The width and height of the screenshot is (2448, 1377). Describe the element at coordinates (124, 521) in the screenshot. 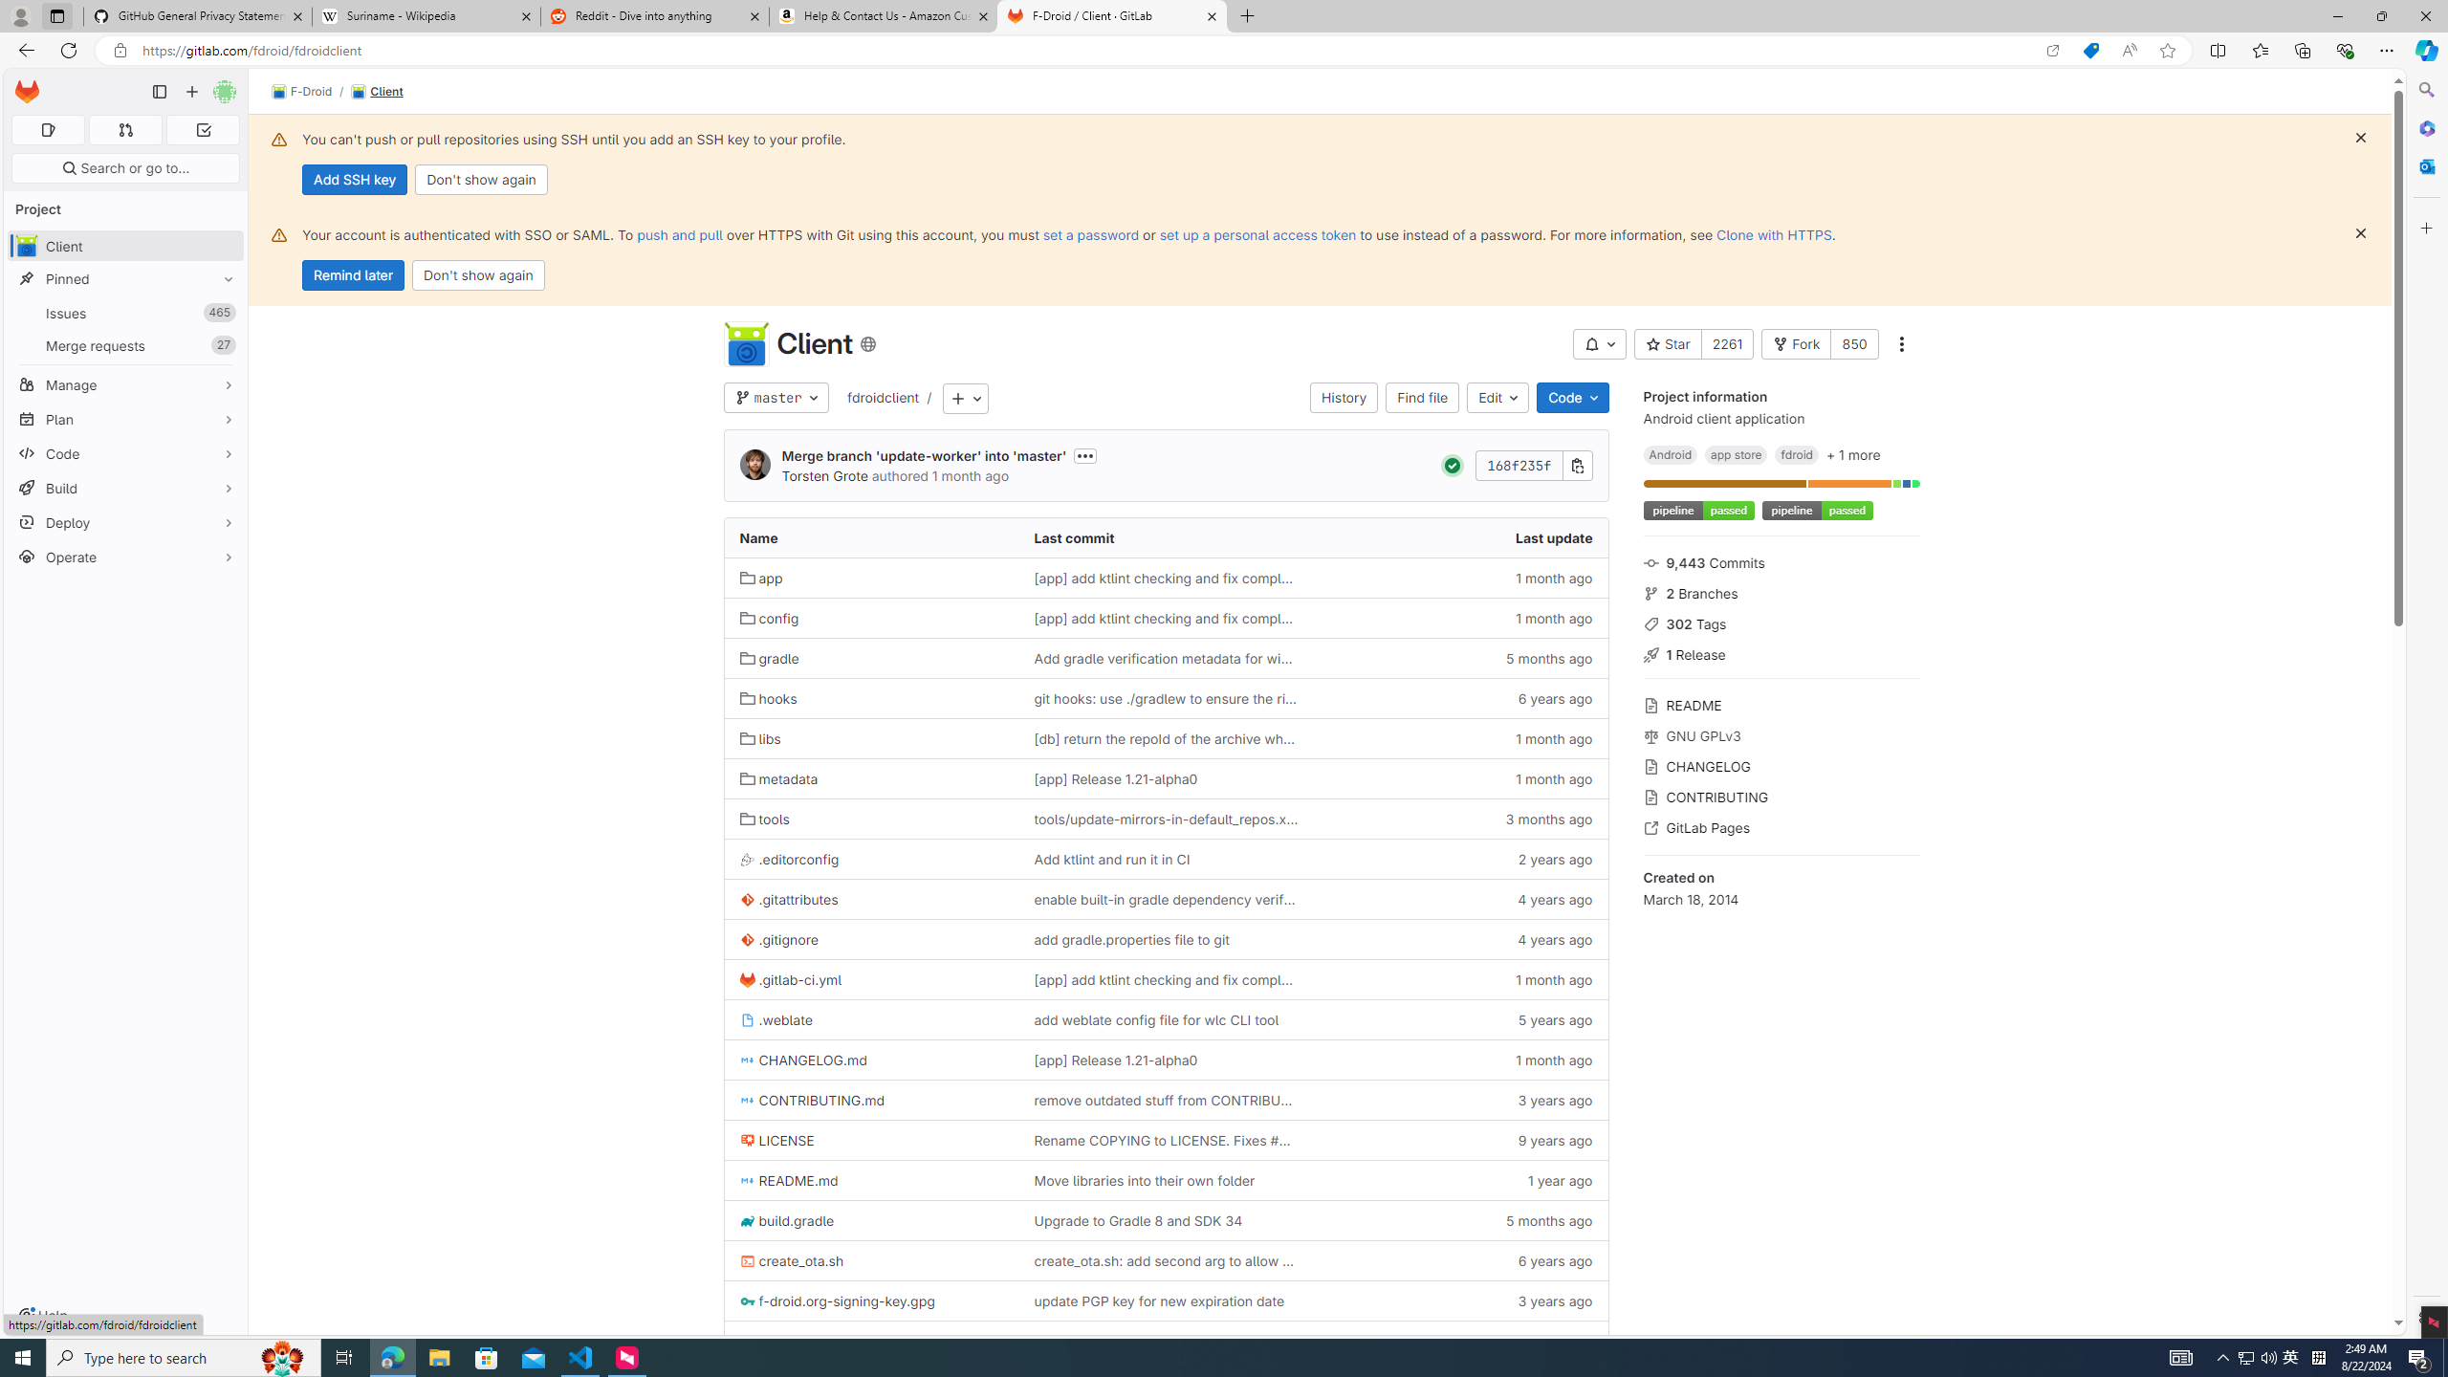

I see `'Deploy'` at that location.